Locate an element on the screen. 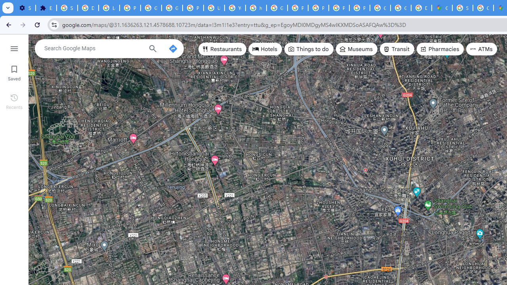 This screenshot has height=285, width=507. 'Google Account Help' is located at coordinates (151, 8).